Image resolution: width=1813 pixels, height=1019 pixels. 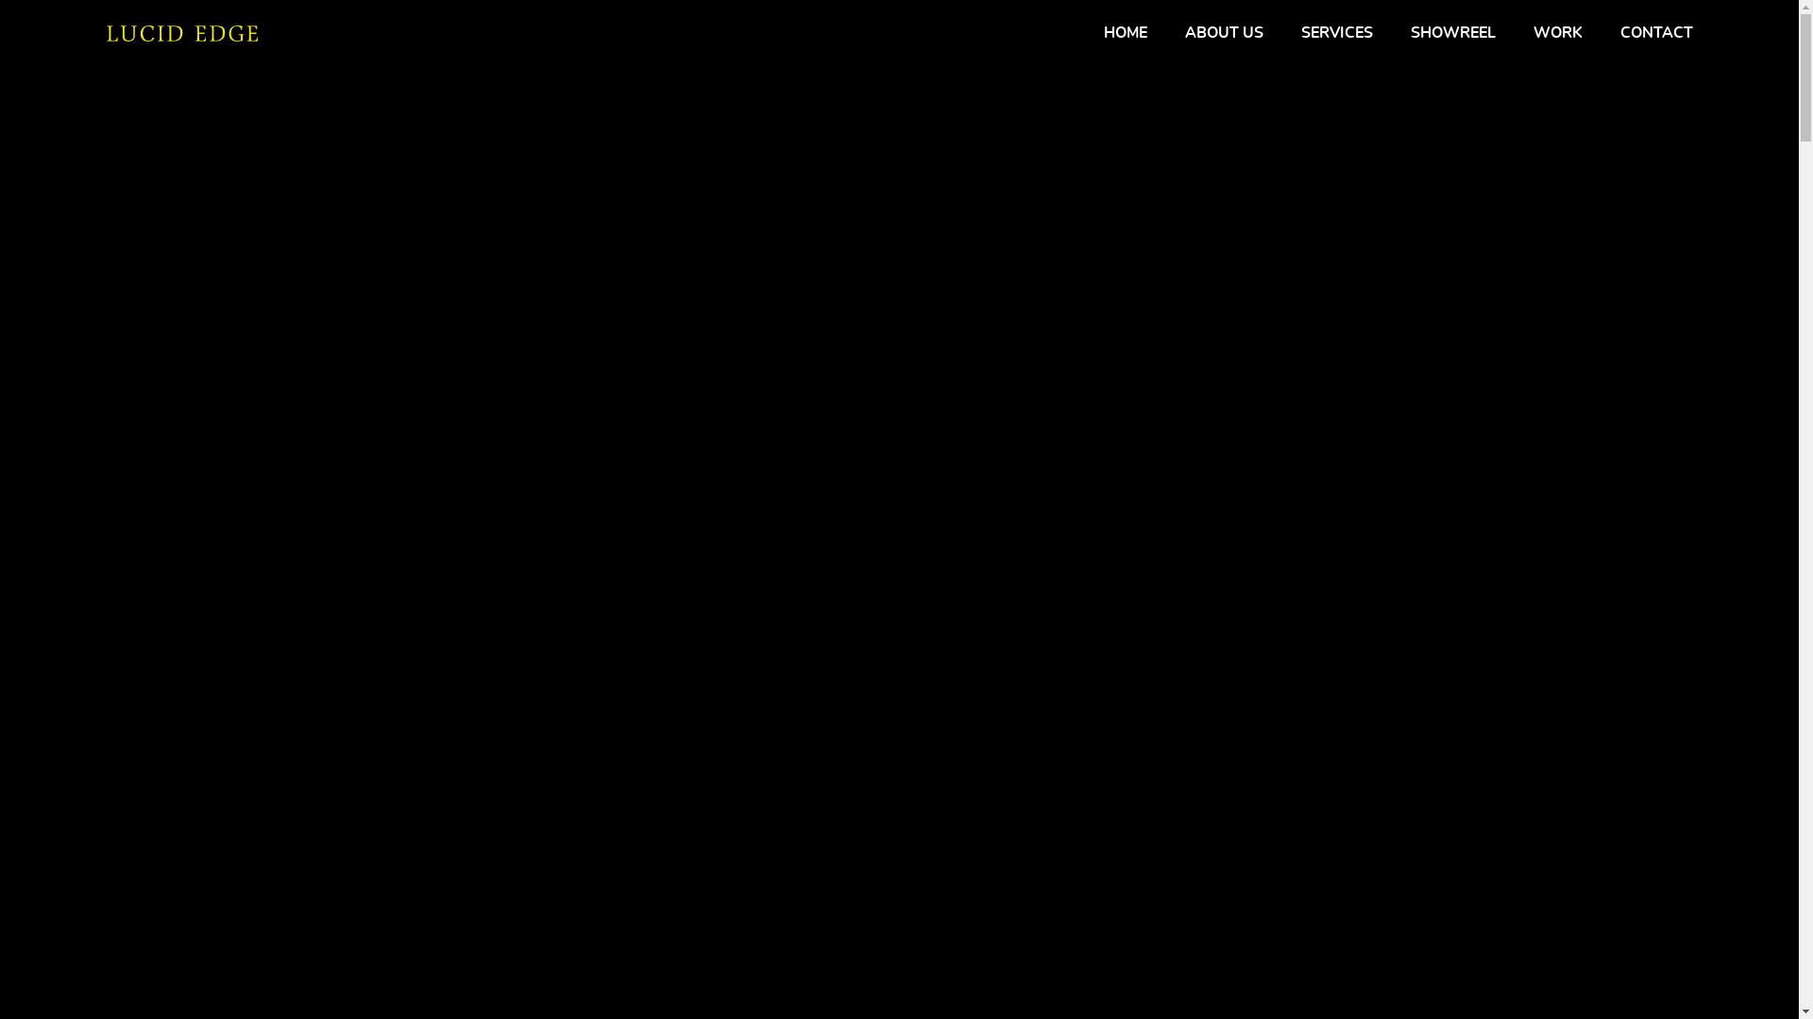 I want to click on 'SHOWREEL', so click(x=1452, y=33).